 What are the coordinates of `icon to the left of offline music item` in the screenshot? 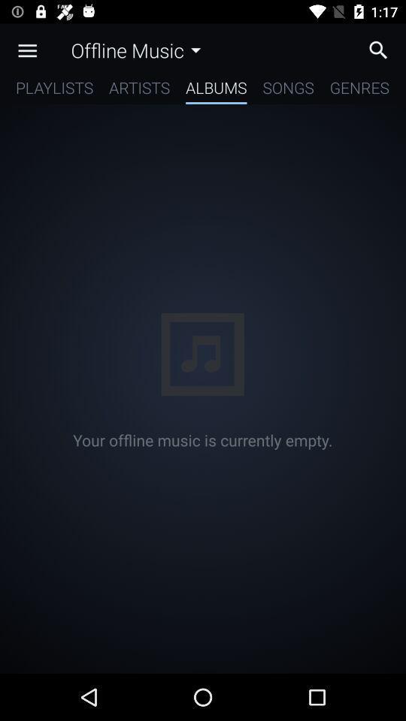 It's located at (27, 50).